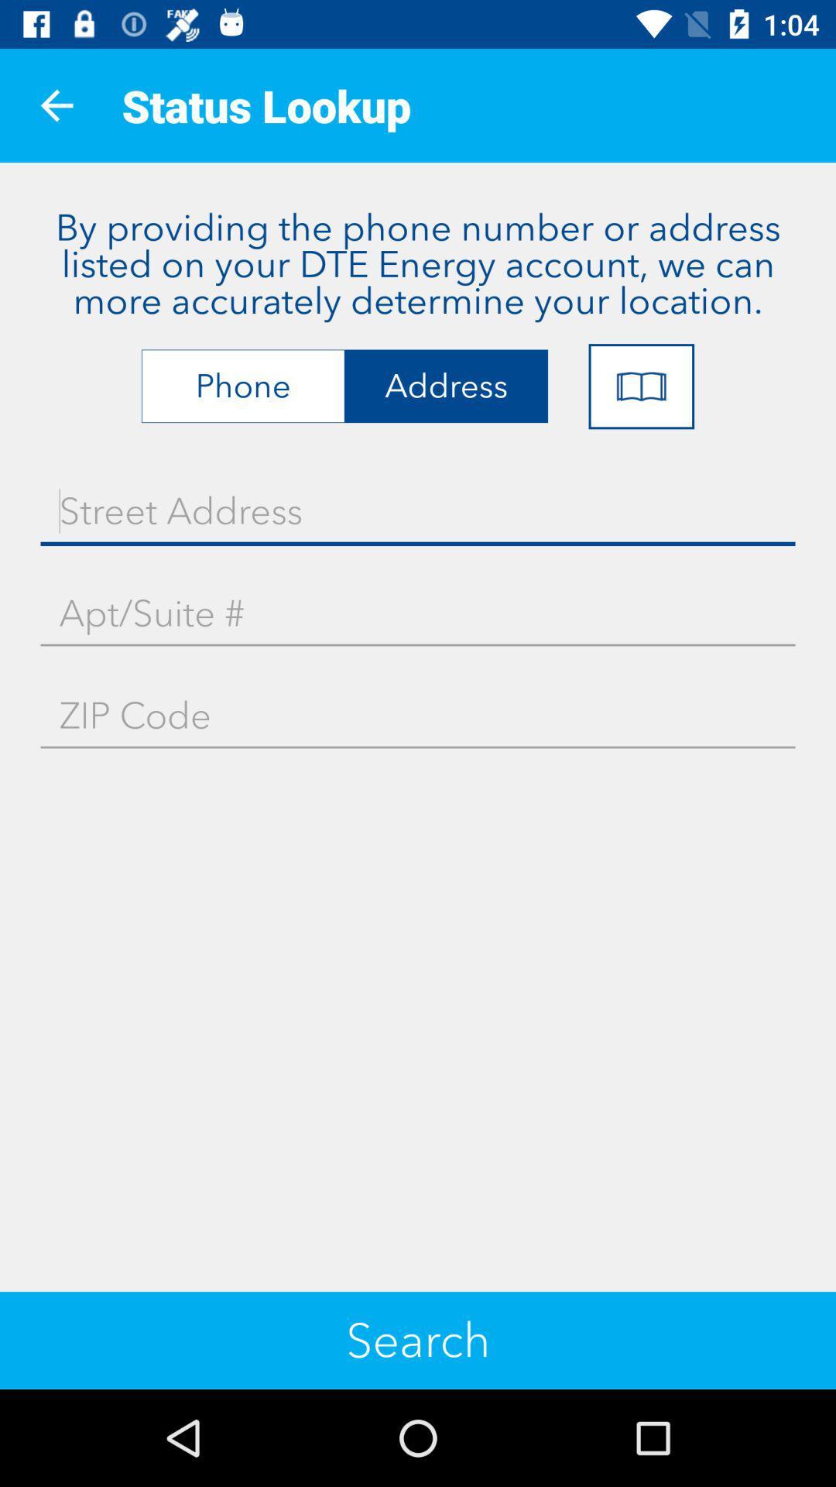 The height and width of the screenshot is (1487, 836). What do you see at coordinates (418, 1340) in the screenshot?
I see `the search icon` at bounding box center [418, 1340].